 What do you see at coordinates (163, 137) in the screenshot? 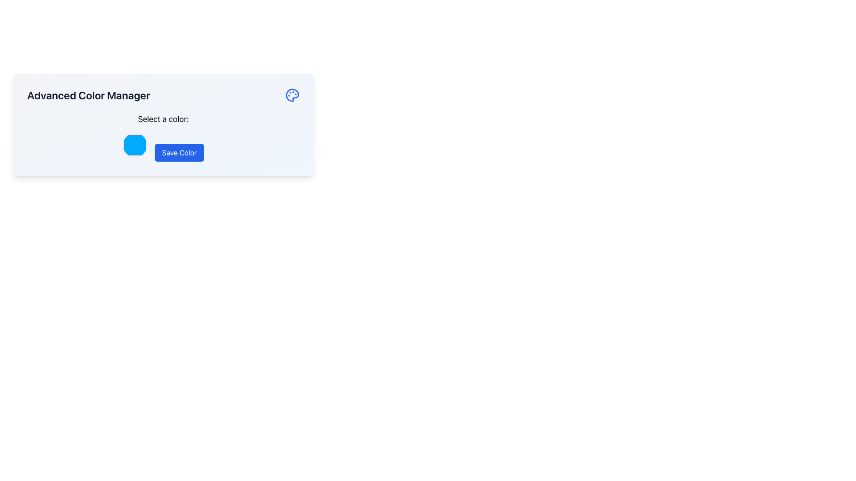
I see `the 'Save Color' button in the Advanced Color Manager section` at bounding box center [163, 137].